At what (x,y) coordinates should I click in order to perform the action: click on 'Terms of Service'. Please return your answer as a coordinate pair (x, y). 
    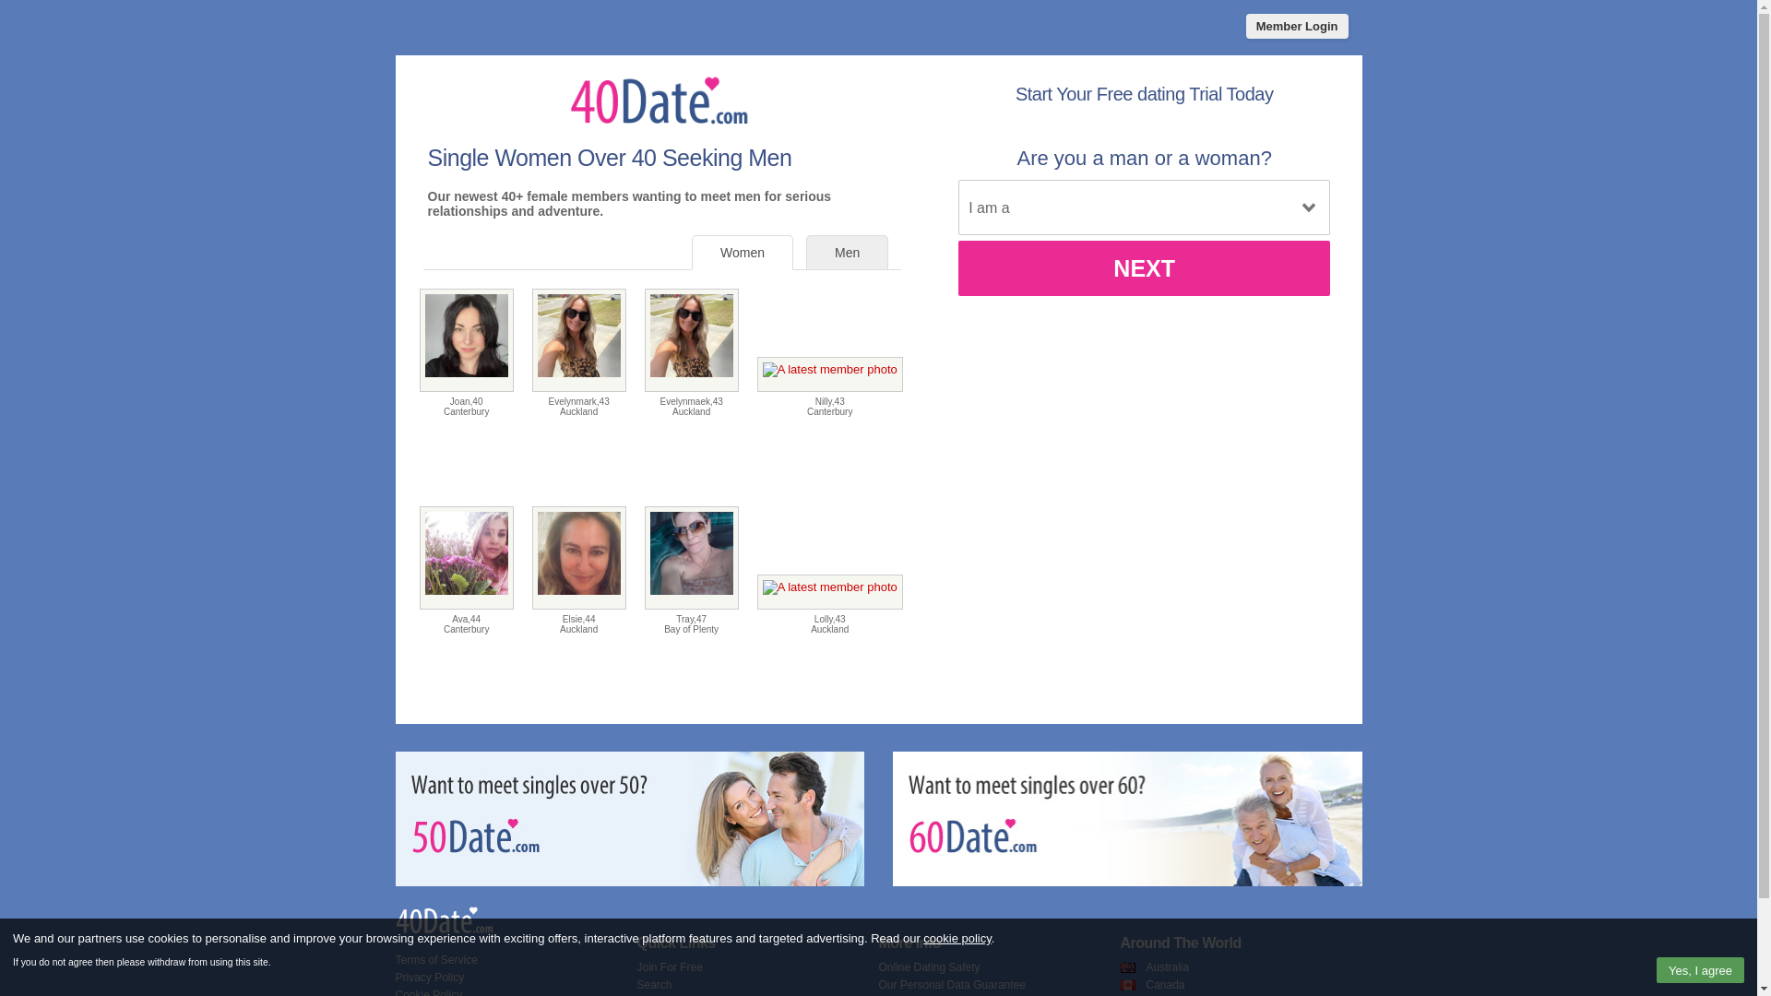
    Looking at the image, I should click on (434, 959).